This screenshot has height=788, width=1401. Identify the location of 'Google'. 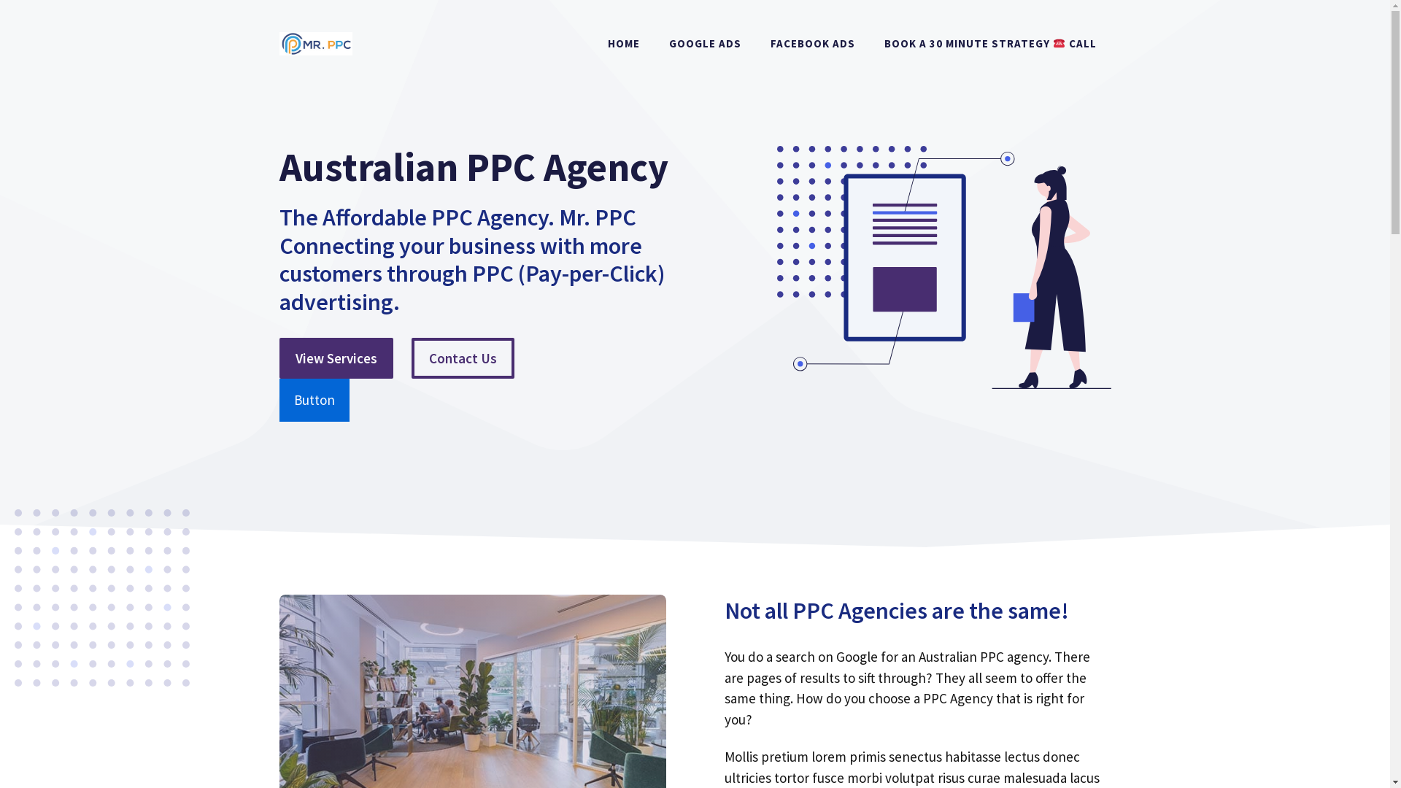
(857, 655).